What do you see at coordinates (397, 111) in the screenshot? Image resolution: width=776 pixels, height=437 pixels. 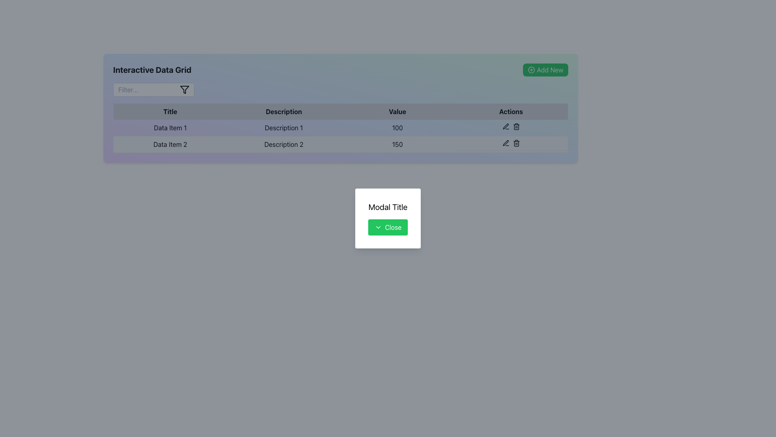 I see `the 'Value' text label, which is the third column in a row of headings in the data grid's header, flanked by 'Description' and 'Actions'` at bounding box center [397, 111].